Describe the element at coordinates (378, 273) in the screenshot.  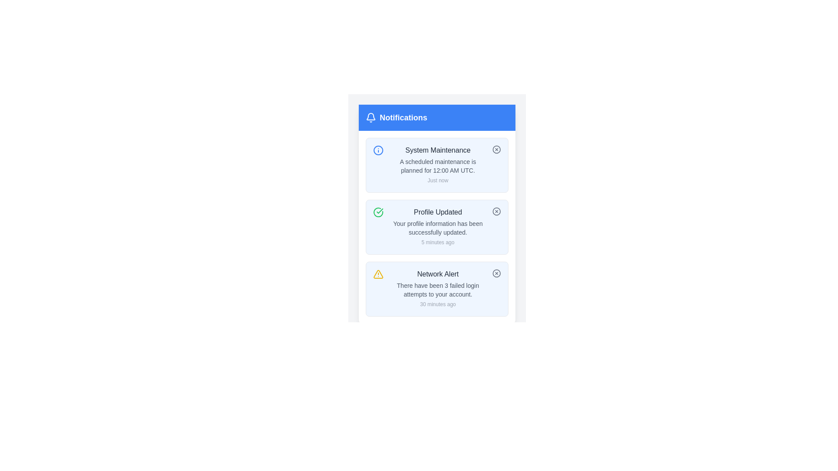
I see `the triangular icon with a hollow interior and yellow border located in the 'Network Alert' notification card` at that location.